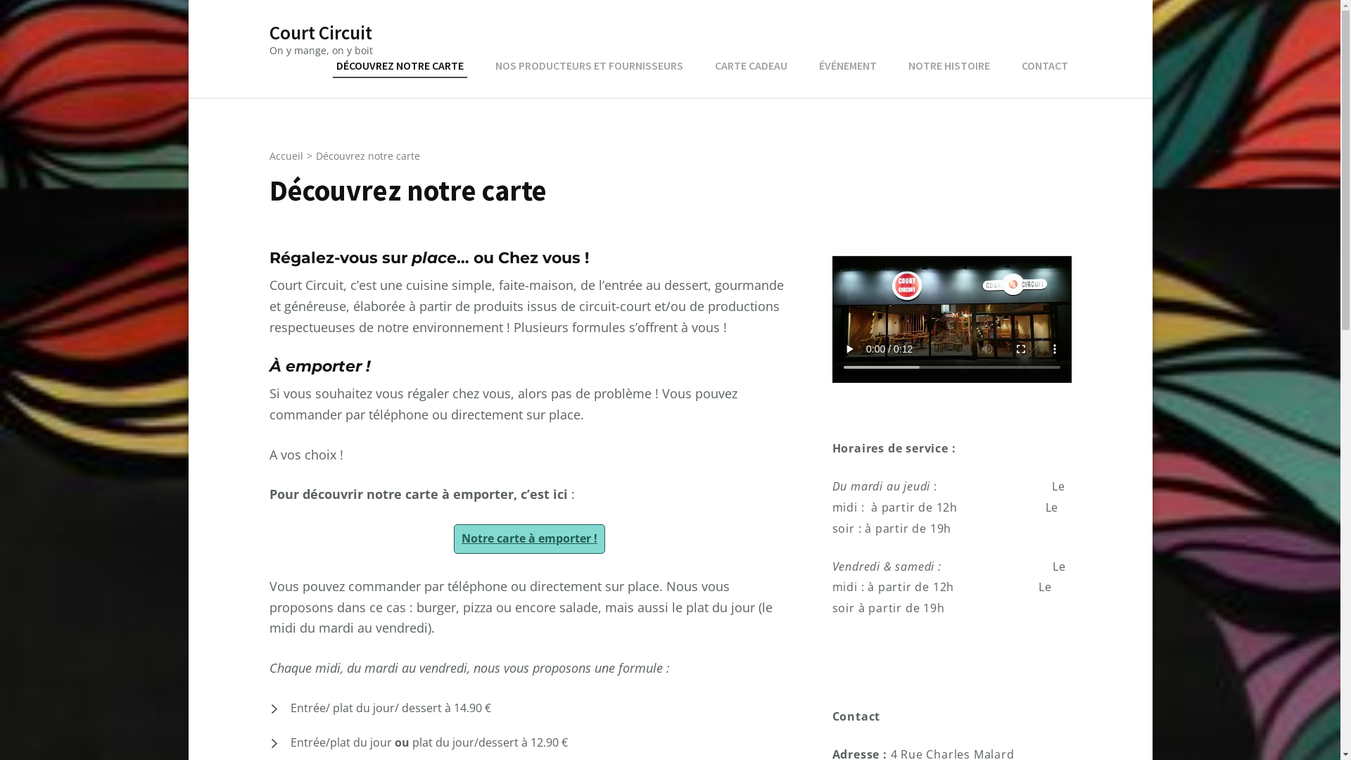 The height and width of the screenshot is (760, 1351). Describe the element at coordinates (588, 65) in the screenshot. I see `'NOS PRODUCTEURS ET FOURNISSEURS'` at that location.